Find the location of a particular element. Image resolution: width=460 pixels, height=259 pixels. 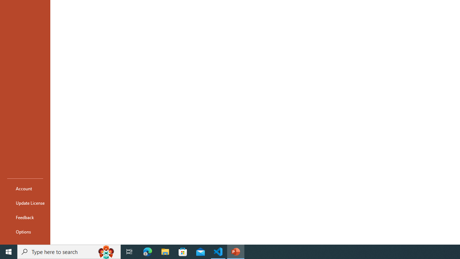

'Feedback' is located at coordinates (25, 217).